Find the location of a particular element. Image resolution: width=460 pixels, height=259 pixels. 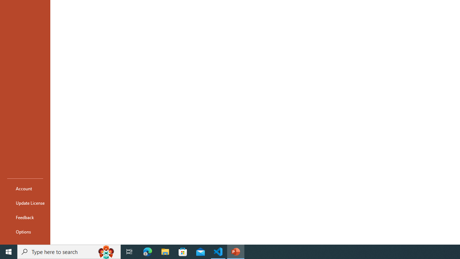

'Feedback' is located at coordinates (25, 217).